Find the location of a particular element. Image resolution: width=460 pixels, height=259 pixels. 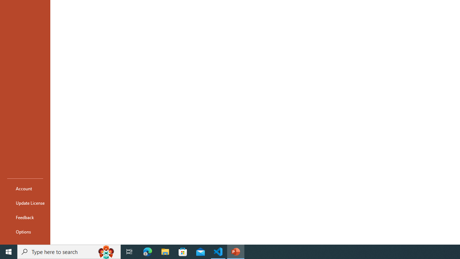

'Feedback' is located at coordinates (25, 217).